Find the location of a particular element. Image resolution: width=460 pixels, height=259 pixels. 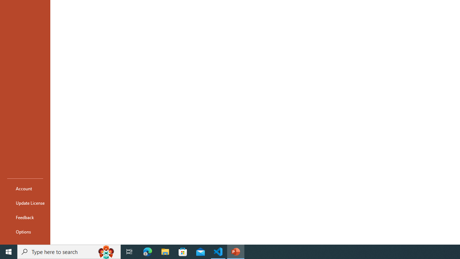

'Feedback' is located at coordinates (25, 217).